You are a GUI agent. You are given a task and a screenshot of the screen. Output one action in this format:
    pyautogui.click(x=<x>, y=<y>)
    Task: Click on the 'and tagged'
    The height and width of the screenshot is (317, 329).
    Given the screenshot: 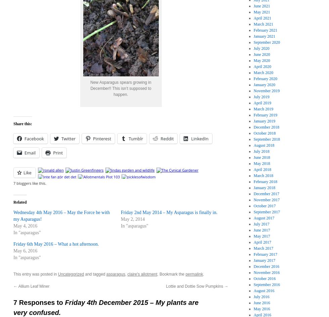 What is the action you would take?
    pyautogui.click(x=95, y=273)
    